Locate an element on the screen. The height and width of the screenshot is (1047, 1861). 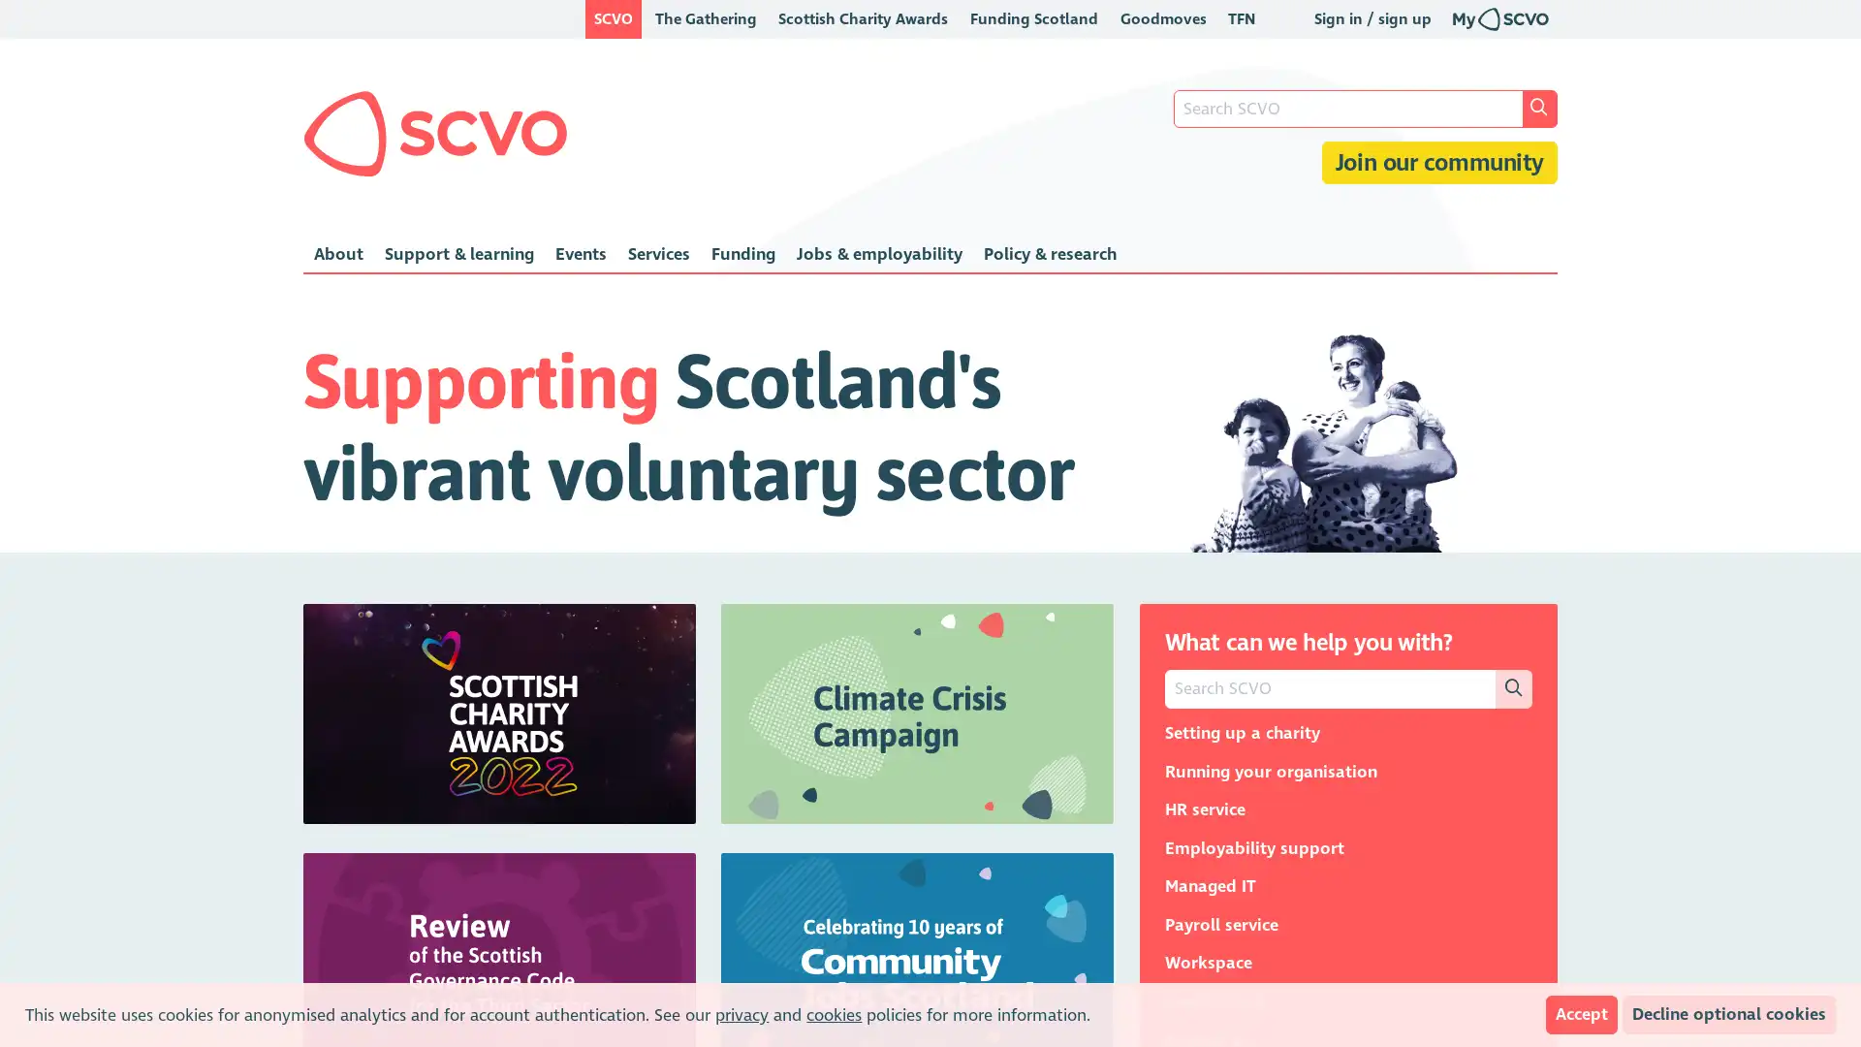
Accept is located at coordinates (1581, 1013).